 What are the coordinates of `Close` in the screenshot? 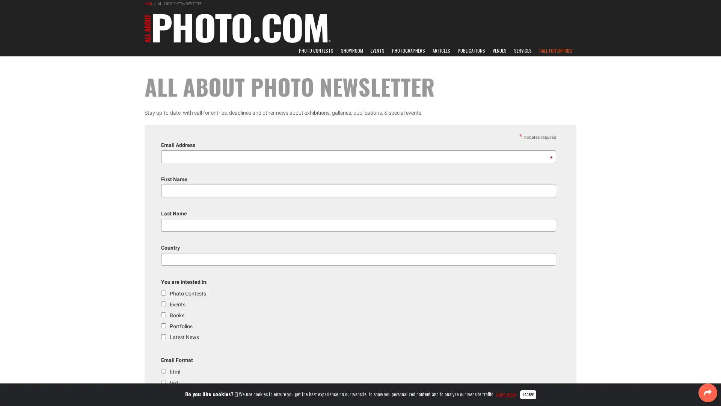 It's located at (527, 394).